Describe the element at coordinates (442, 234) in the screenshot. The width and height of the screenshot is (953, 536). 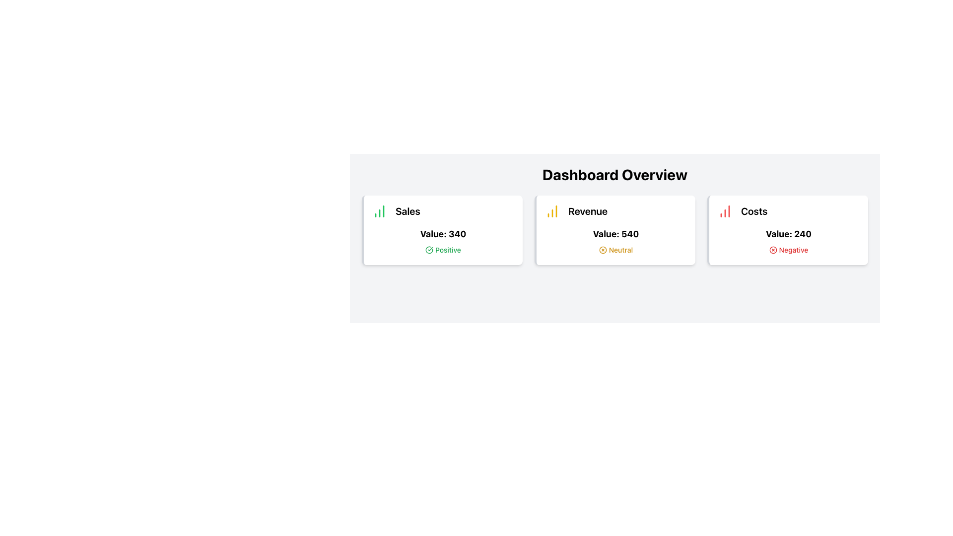
I see `the bold text display showing 'Value: 340' within the central left card of the dashboard, positioned below the 'Sales' label and above the 'Positive' indicator` at that location.